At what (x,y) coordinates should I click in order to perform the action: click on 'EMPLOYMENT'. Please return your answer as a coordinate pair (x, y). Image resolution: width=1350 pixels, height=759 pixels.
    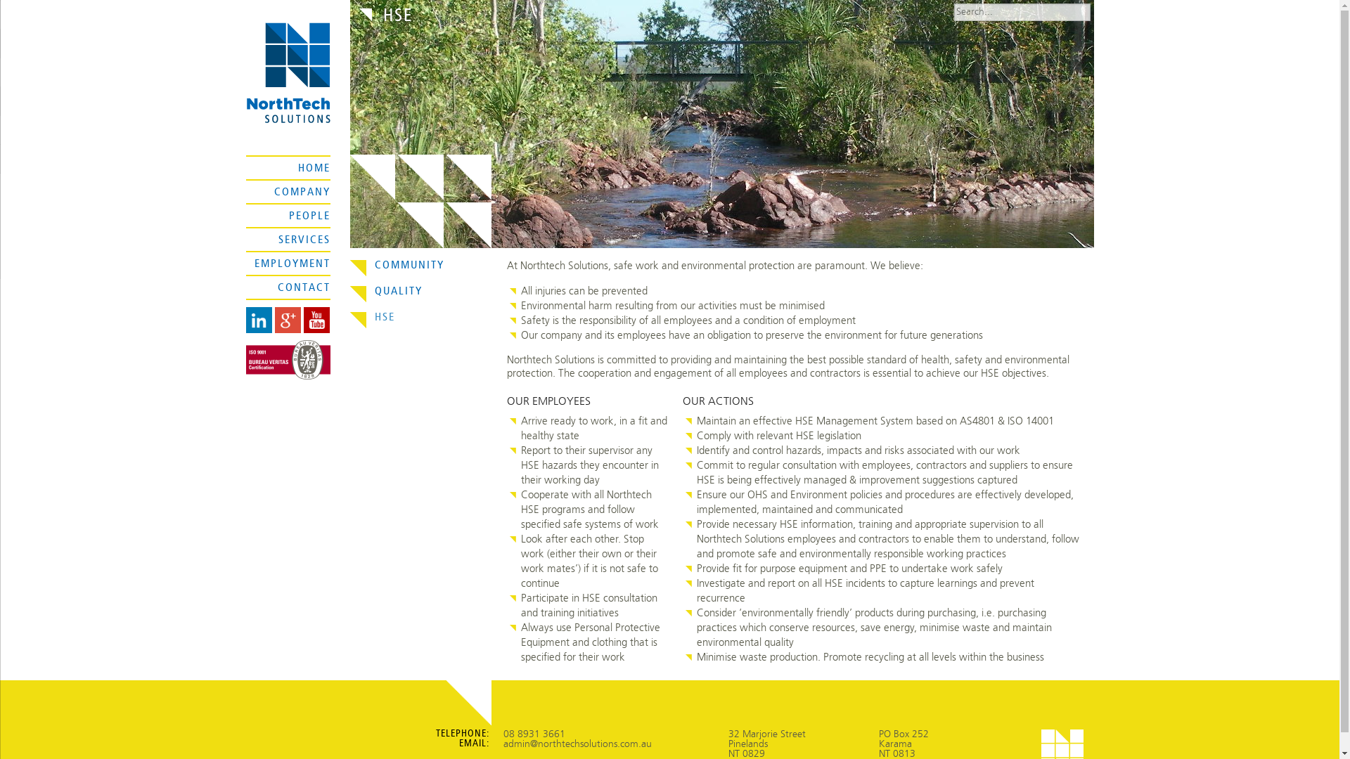
    Looking at the image, I should click on (292, 264).